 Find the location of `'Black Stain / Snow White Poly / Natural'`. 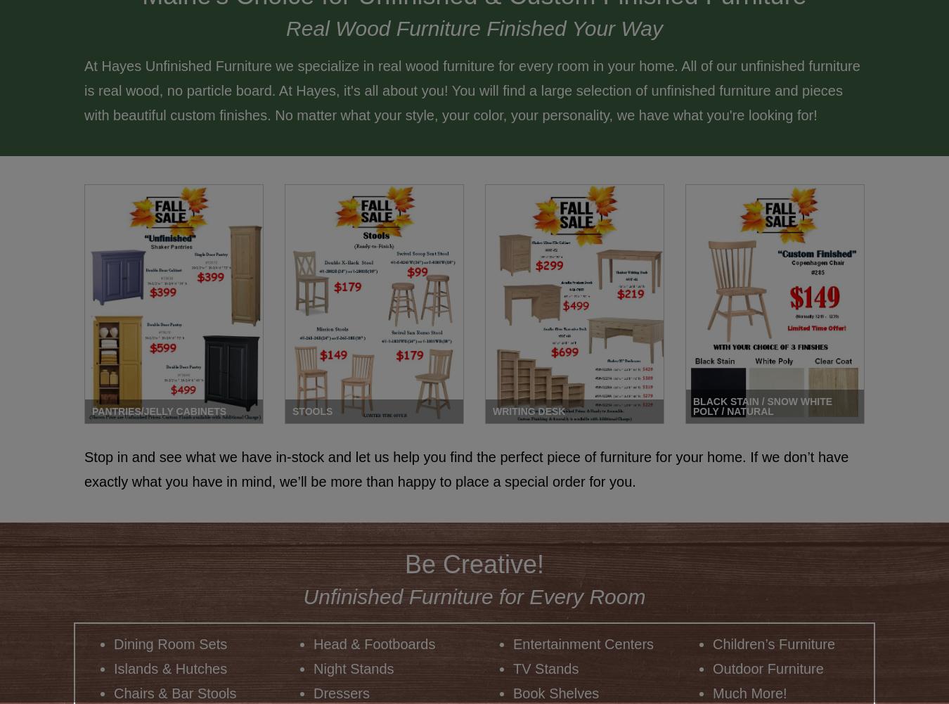

'Black Stain / Snow White Poly / Natural' is located at coordinates (692, 405).